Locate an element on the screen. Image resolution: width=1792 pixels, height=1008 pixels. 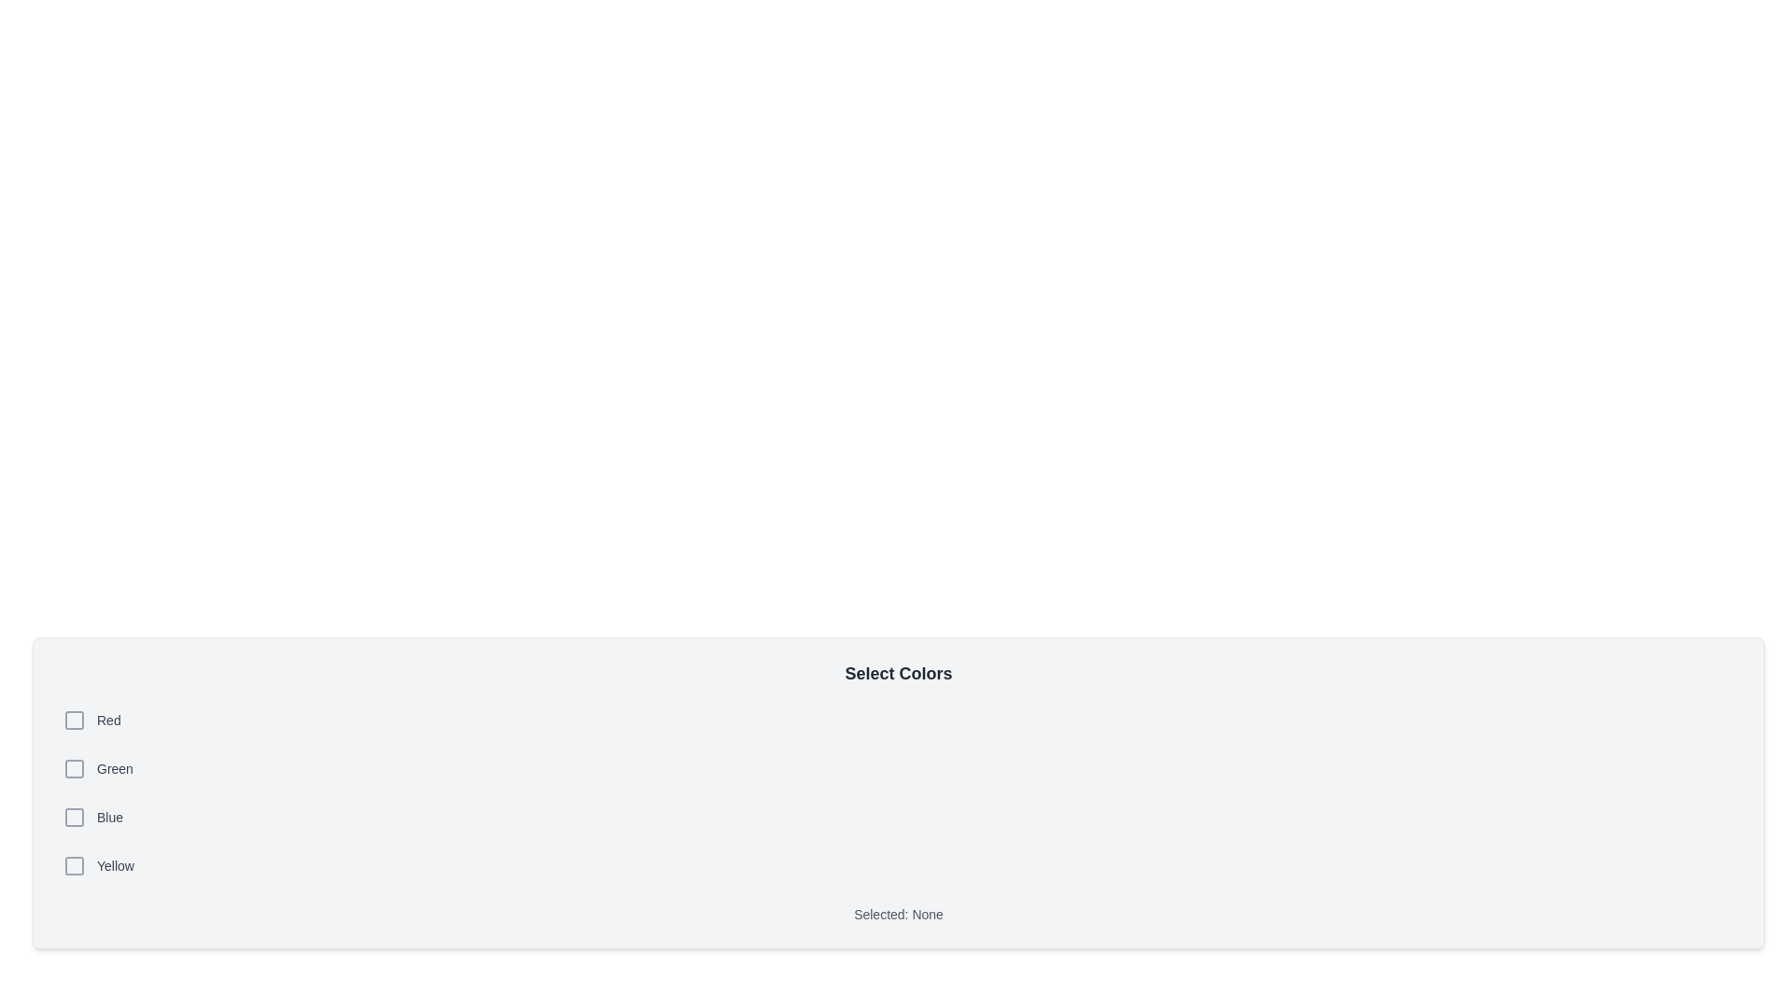
the text label 'Red' which identifies the corresponding checkbox option in the vertical list is located at coordinates (107, 719).